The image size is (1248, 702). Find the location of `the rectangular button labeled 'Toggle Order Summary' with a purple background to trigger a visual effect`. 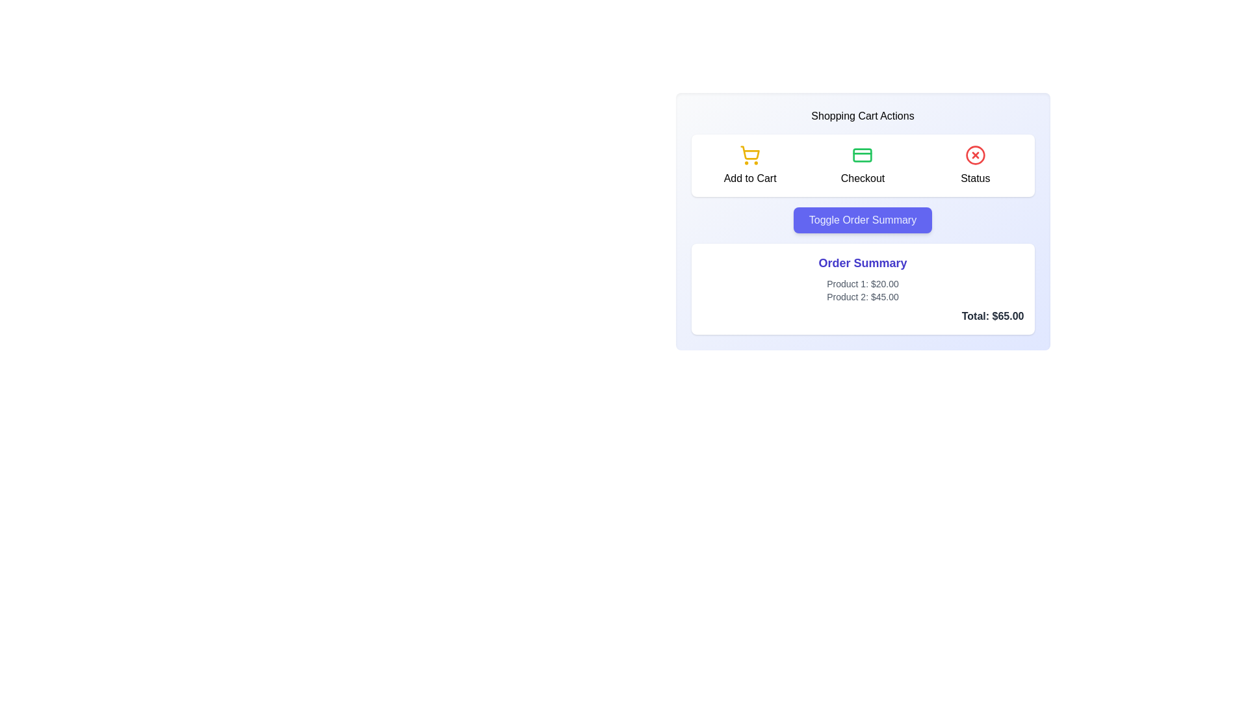

the rectangular button labeled 'Toggle Order Summary' with a purple background to trigger a visual effect is located at coordinates (863, 220).